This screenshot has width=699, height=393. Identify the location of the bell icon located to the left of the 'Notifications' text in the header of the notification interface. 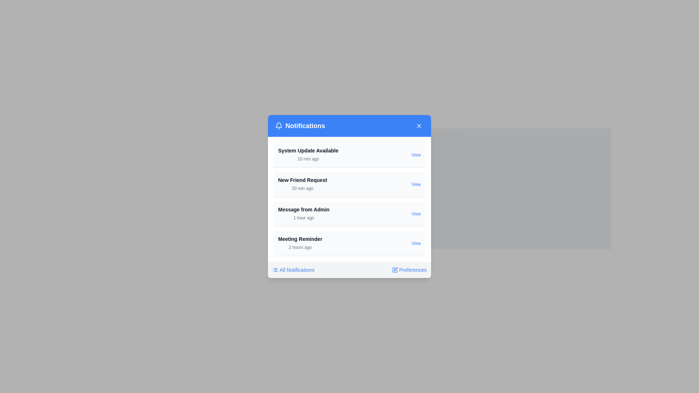
(279, 126).